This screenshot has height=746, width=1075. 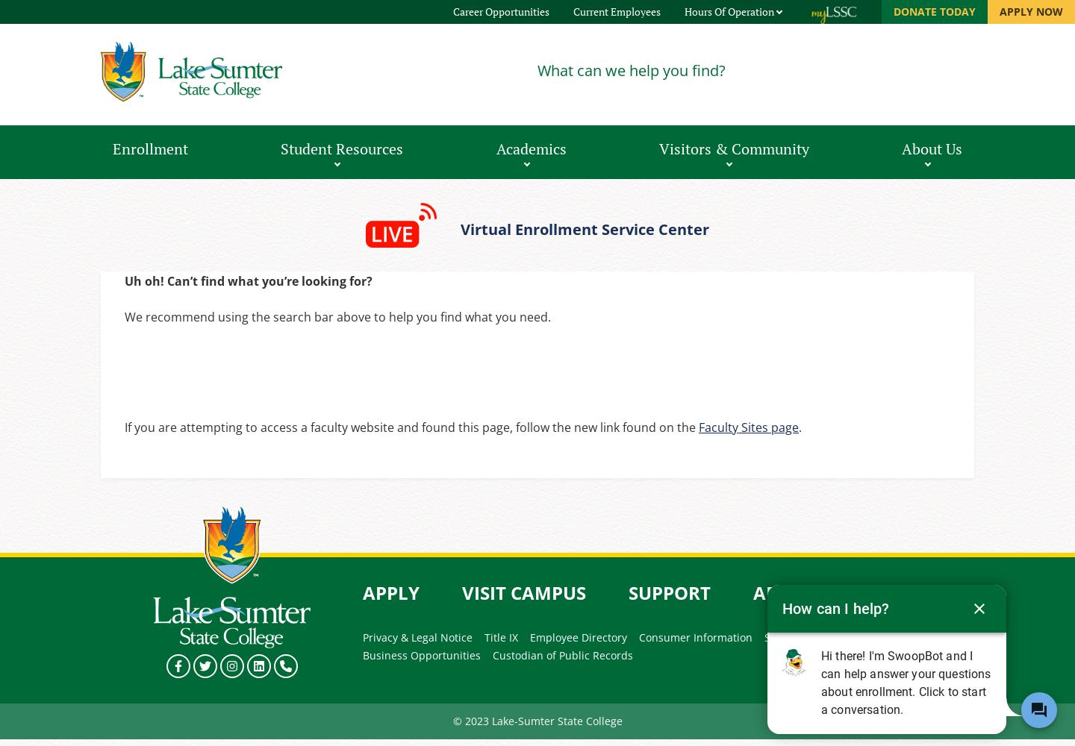 What do you see at coordinates (112, 148) in the screenshot?
I see `'Enrollment'` at bounding box center [112, 148].